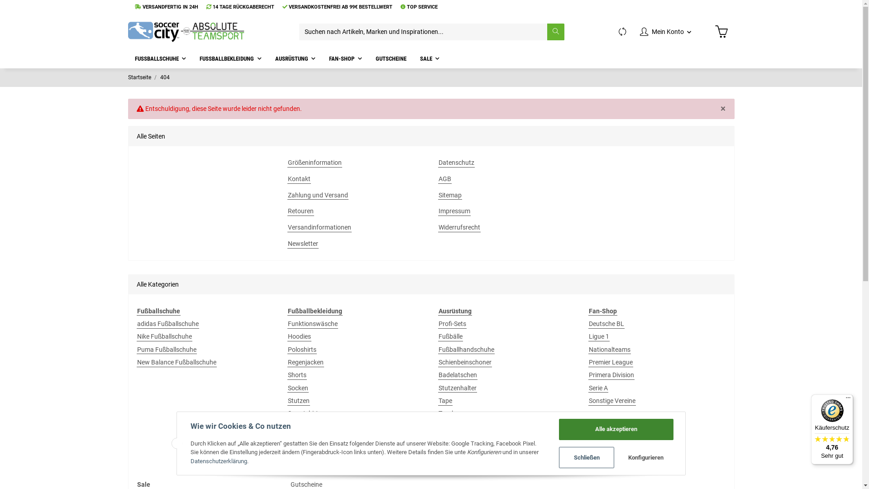  What do you see at coordinates (297, 375) in the screenshot?
I see `'Shorts'` at bounding box center [297, 375].